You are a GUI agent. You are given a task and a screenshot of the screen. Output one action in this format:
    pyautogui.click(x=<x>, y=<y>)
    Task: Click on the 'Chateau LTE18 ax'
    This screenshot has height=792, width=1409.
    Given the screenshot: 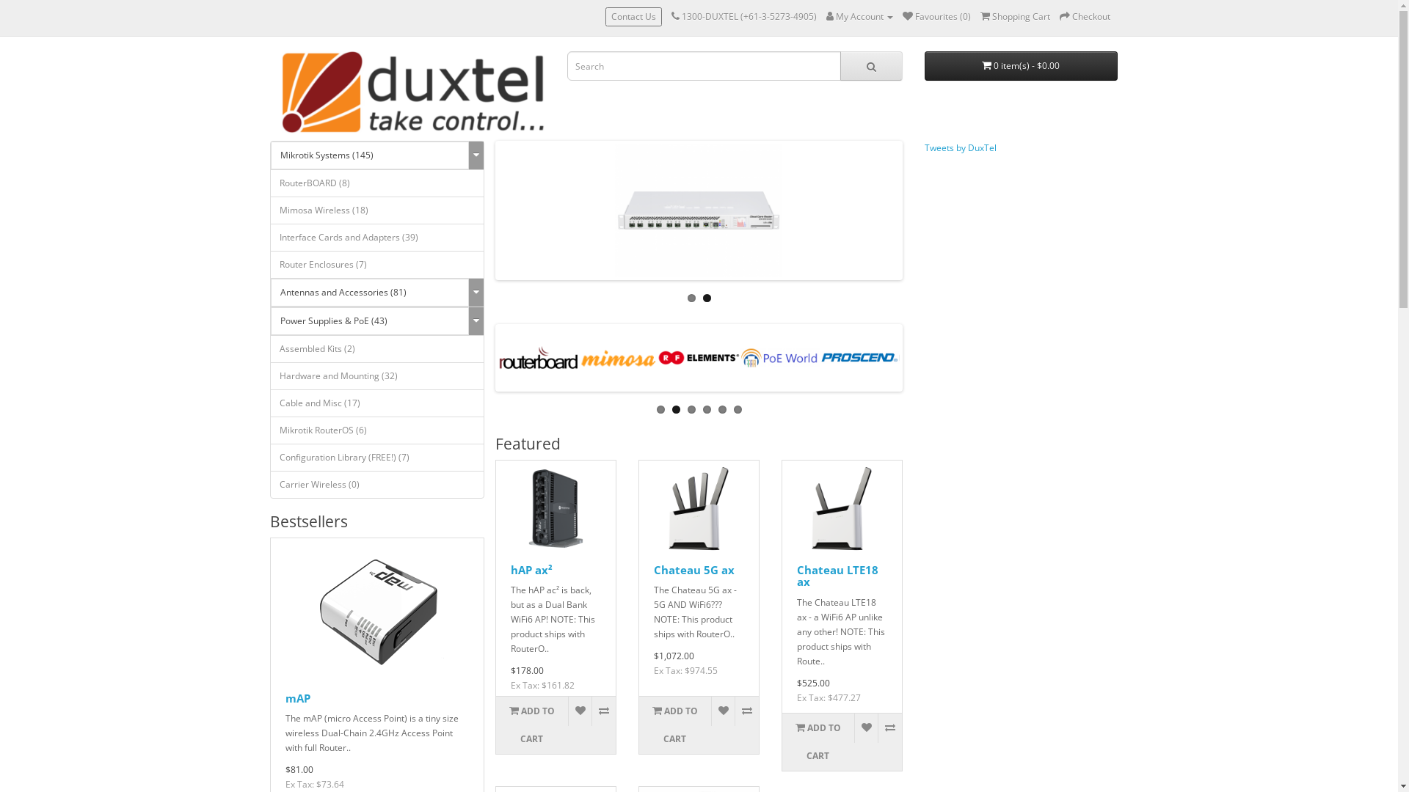 What is the action you would take?
    pyautogui.click(x=795, y=575)
    